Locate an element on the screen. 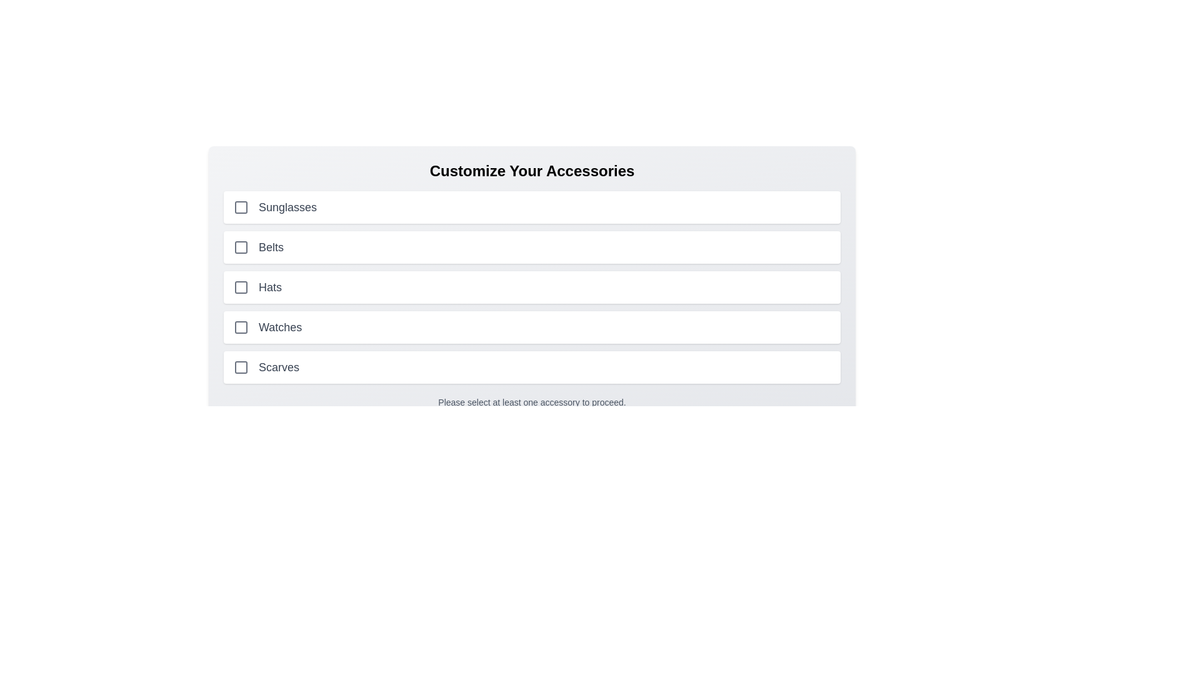 Image resolution: width=1200 pixels, height=675 pixels. the text label 'Hats' which is positioned as the third item in a vertical list within a card layout is located at coordinates (269, 287).